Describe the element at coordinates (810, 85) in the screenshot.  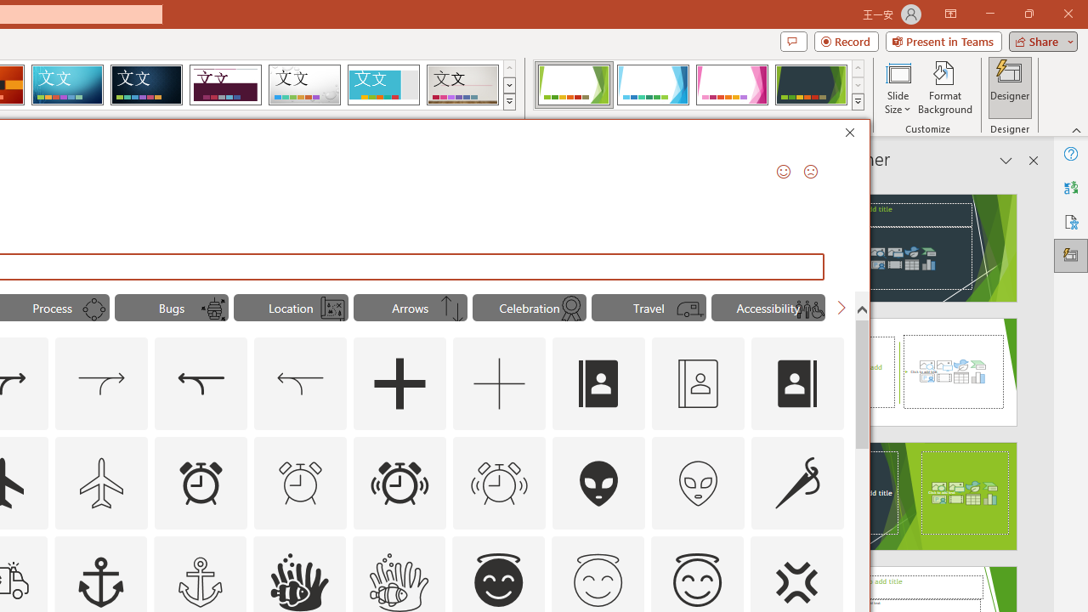
I see `'Facet Variant 4'` at that location.